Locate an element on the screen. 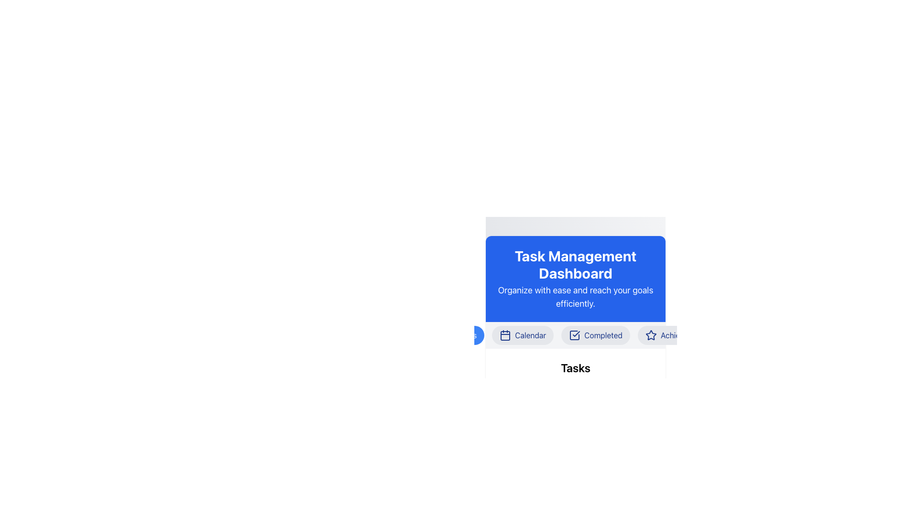 The image size is (918, 516). text displayed in the Text Label titled 'Task Management Dashboard' which serves as the main header for the section is located at coordinates (575, 265).